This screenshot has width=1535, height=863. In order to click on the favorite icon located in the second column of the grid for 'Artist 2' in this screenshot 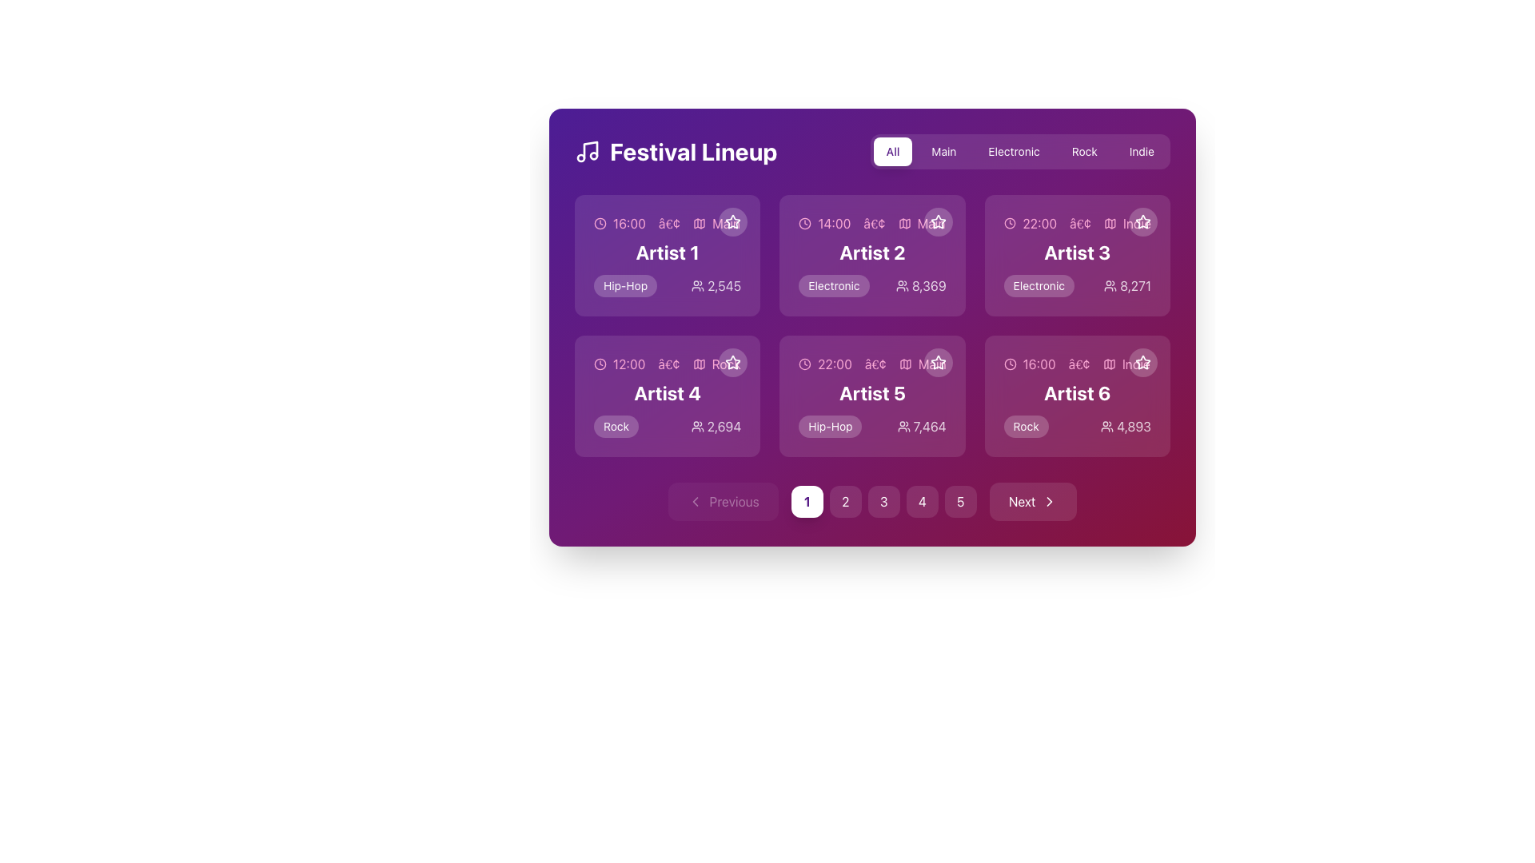, I will do `click(938, 221)`.